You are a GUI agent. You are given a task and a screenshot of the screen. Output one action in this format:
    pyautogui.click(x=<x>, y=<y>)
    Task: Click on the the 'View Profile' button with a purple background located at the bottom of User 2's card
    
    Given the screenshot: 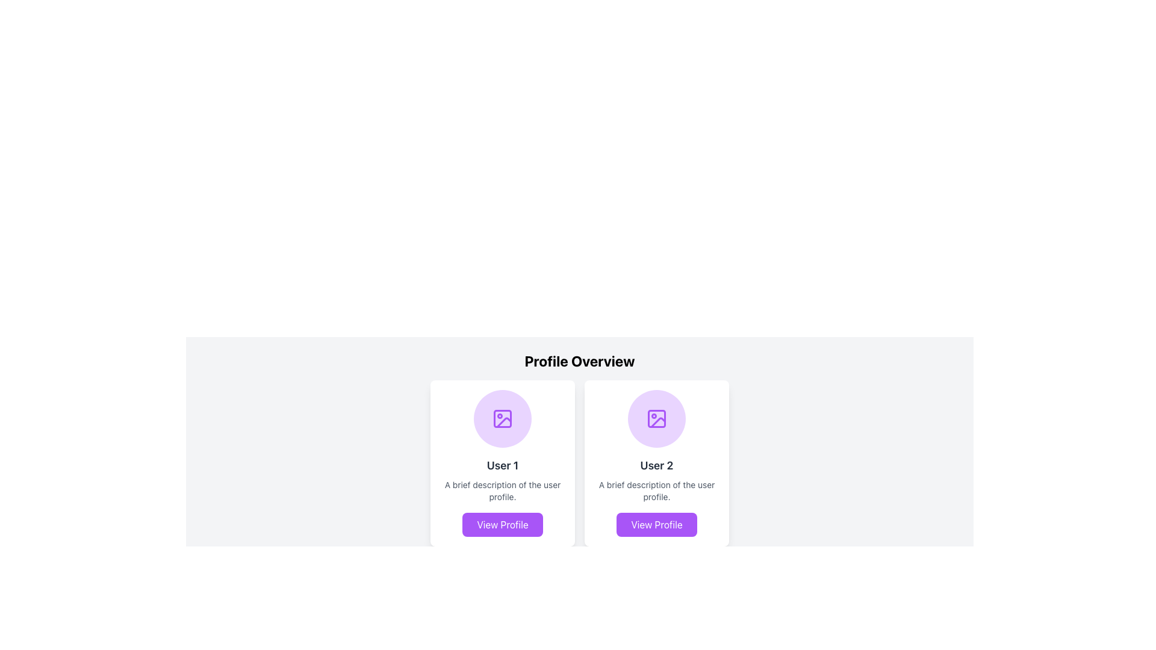 What is the action you would take?
    pyautogui.click(x=656, y=524)
    